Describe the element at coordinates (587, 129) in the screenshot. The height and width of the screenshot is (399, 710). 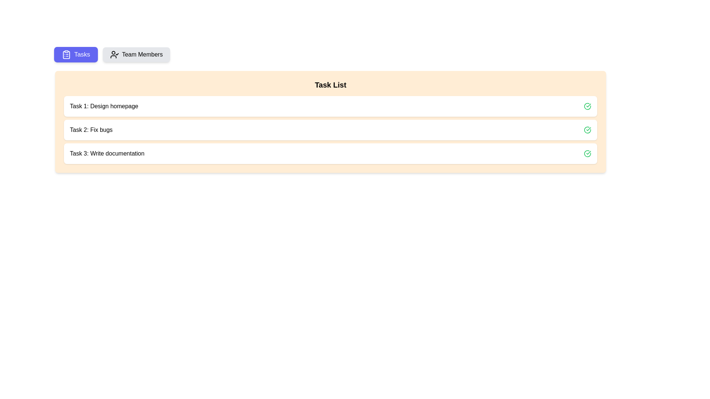
I see `the green status indicator icon with a checkmark` at that location.